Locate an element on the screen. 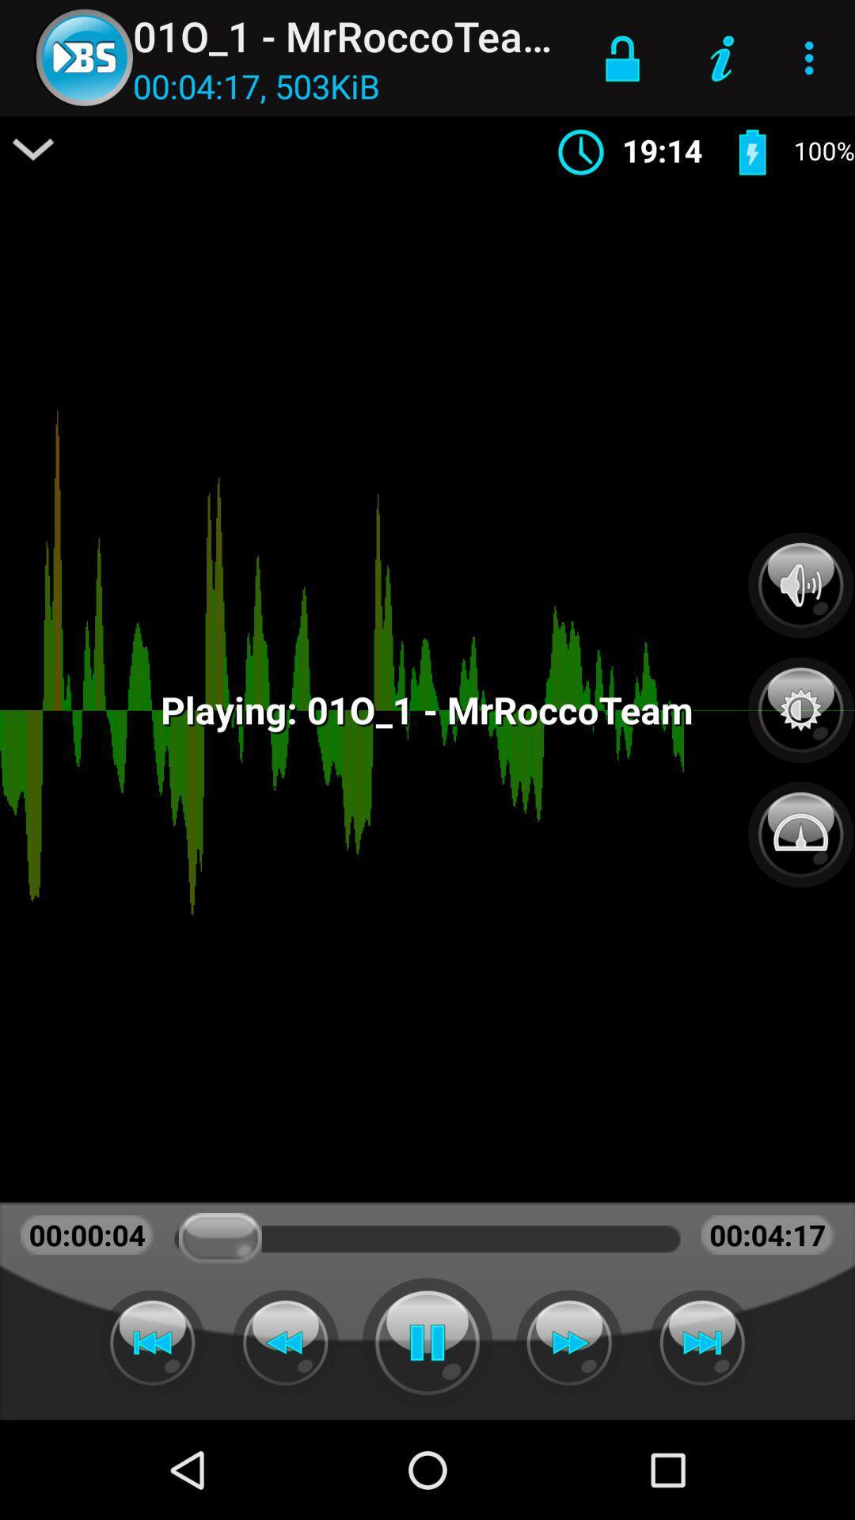 The width and height of the screenshot is (855, 1520). play button is located at coordinates (427, 1342).